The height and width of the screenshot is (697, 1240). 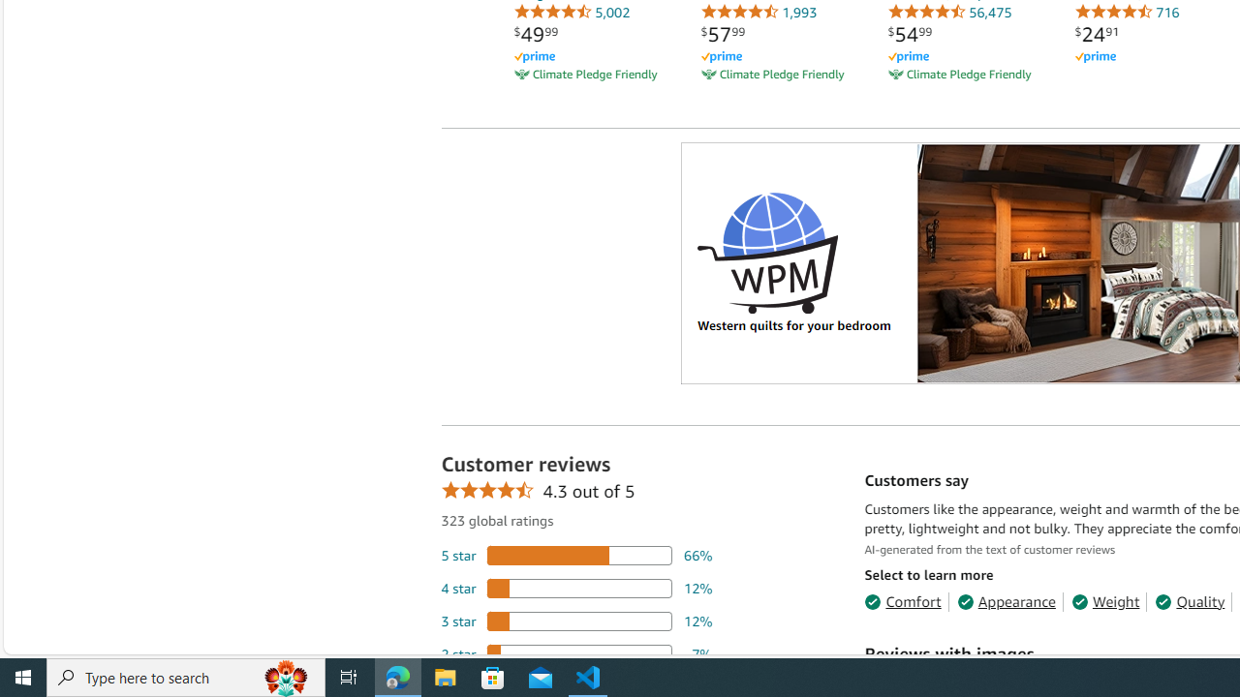 I want to click on 'Appearance', so click(x=1006, y=600).